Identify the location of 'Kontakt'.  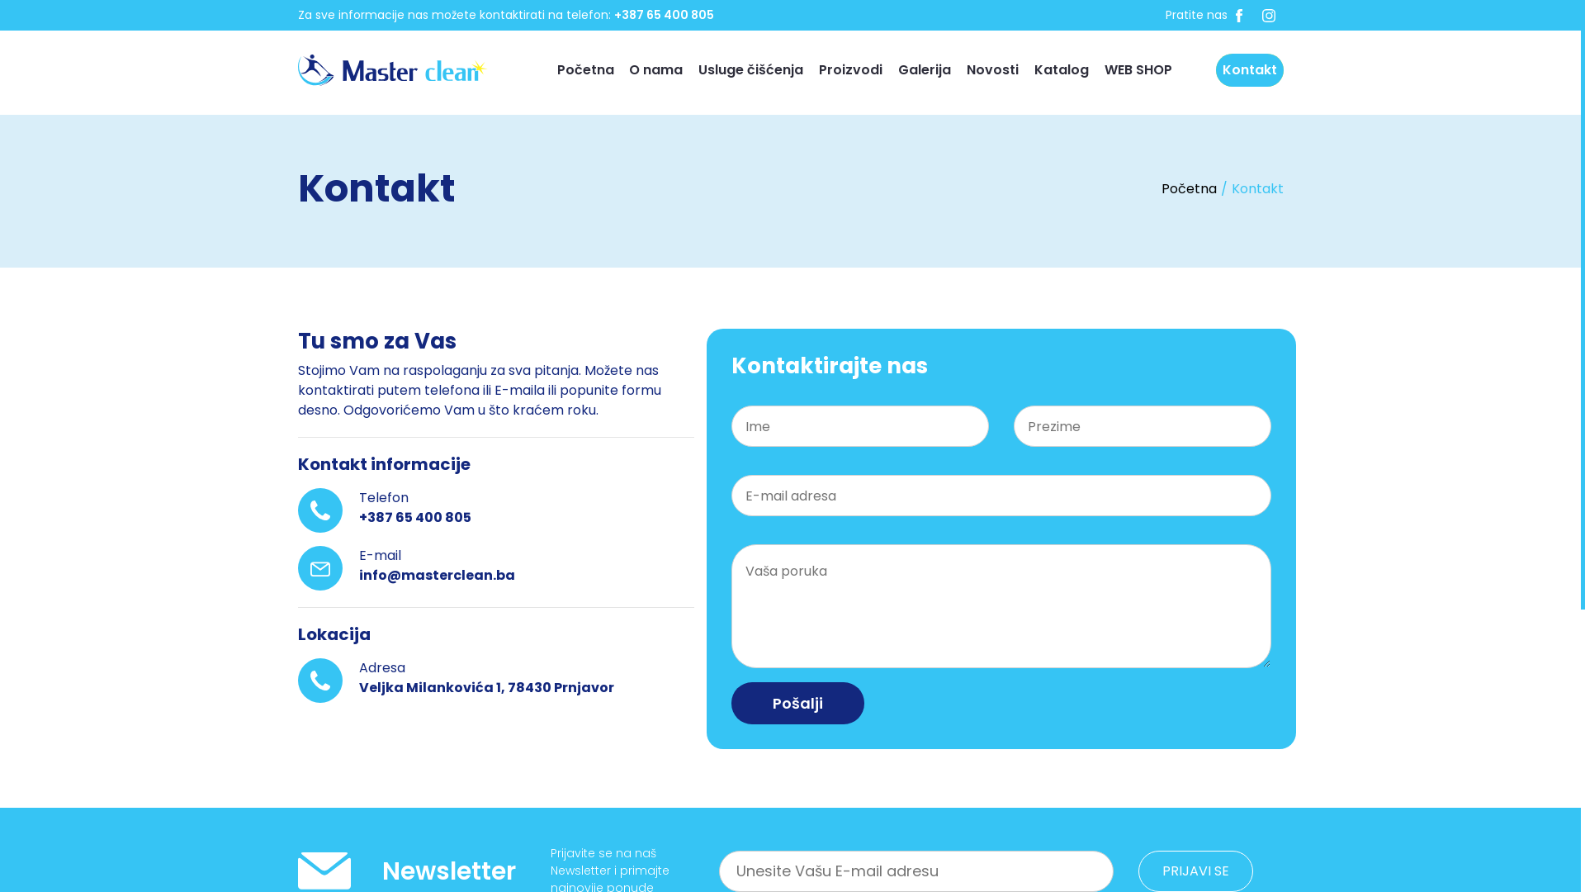
(1248, 69).